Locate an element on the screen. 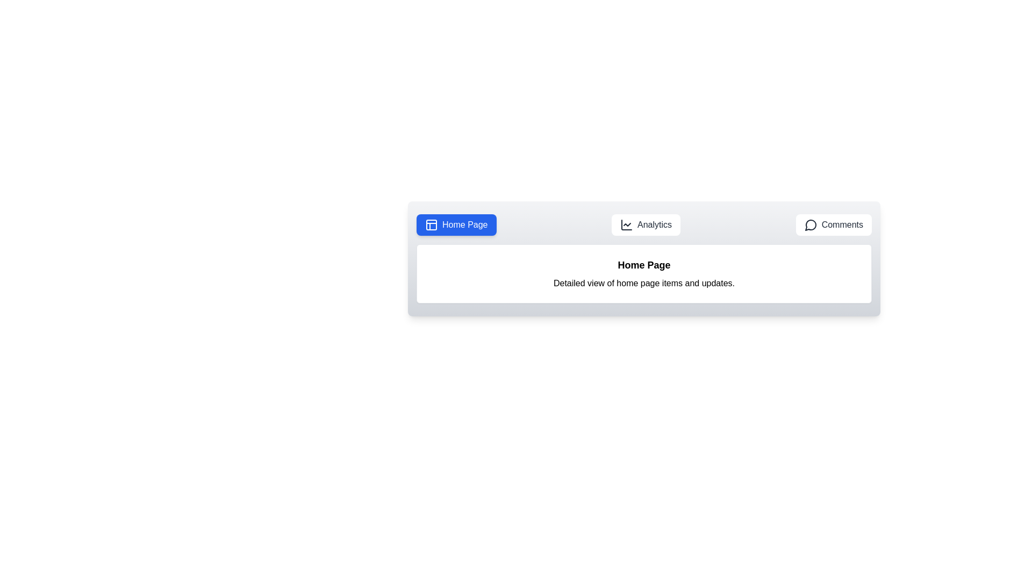 The height and width of the screenshot is (580, 1032). the Analytics tab by clicking on the corresponding tab is located at coordinates (646, 224).